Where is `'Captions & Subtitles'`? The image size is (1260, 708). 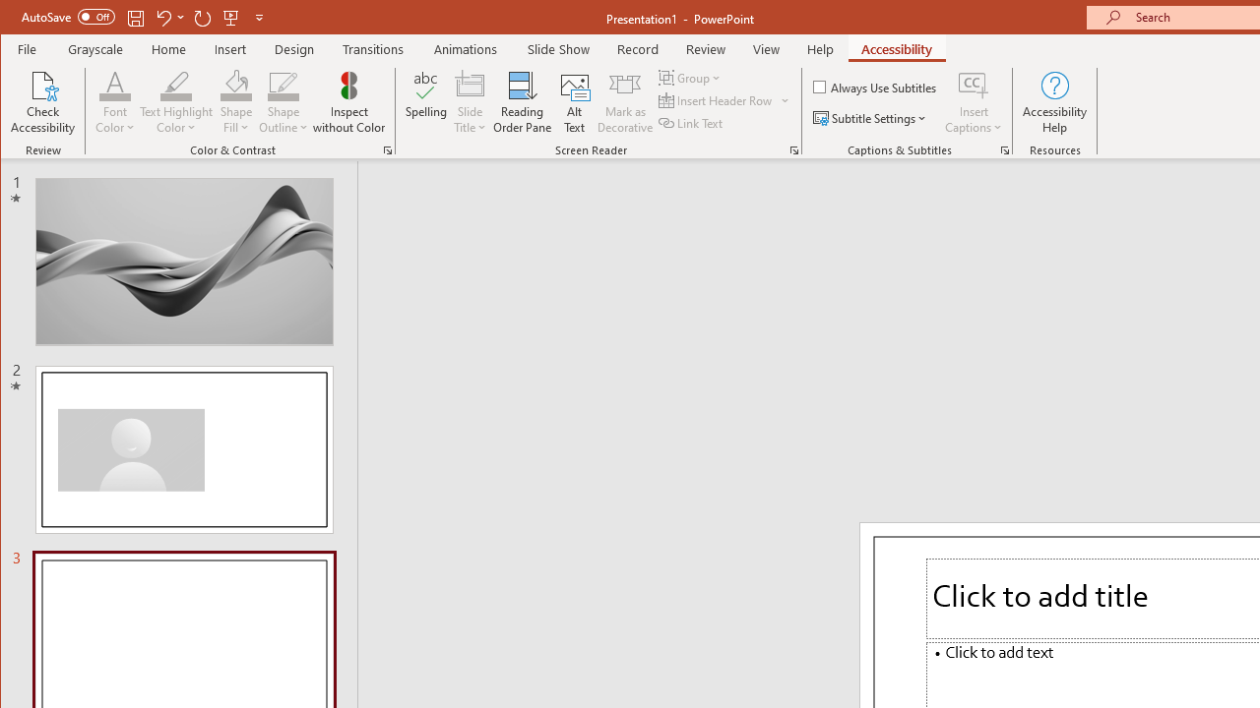 'Captions & Subtitles' is located at coordinates (1004, 149).